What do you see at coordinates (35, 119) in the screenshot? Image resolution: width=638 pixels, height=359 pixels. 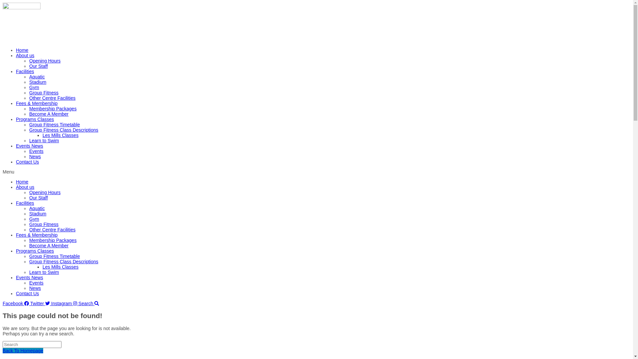 I see `'Programs Classes'` at bounding box center [35, 119].